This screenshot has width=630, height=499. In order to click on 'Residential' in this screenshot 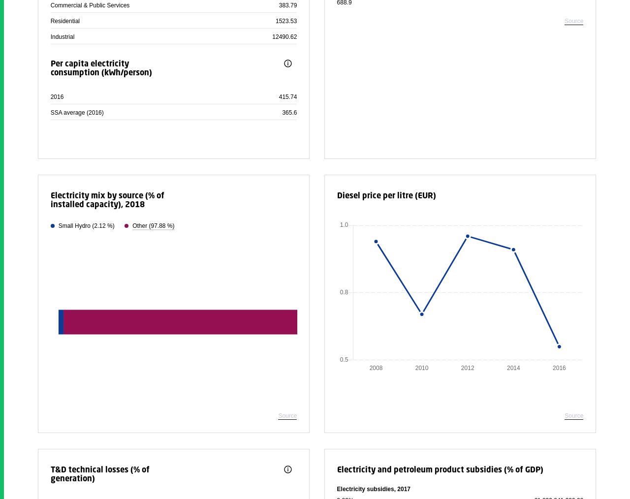, I will do `click(50, 20)`.